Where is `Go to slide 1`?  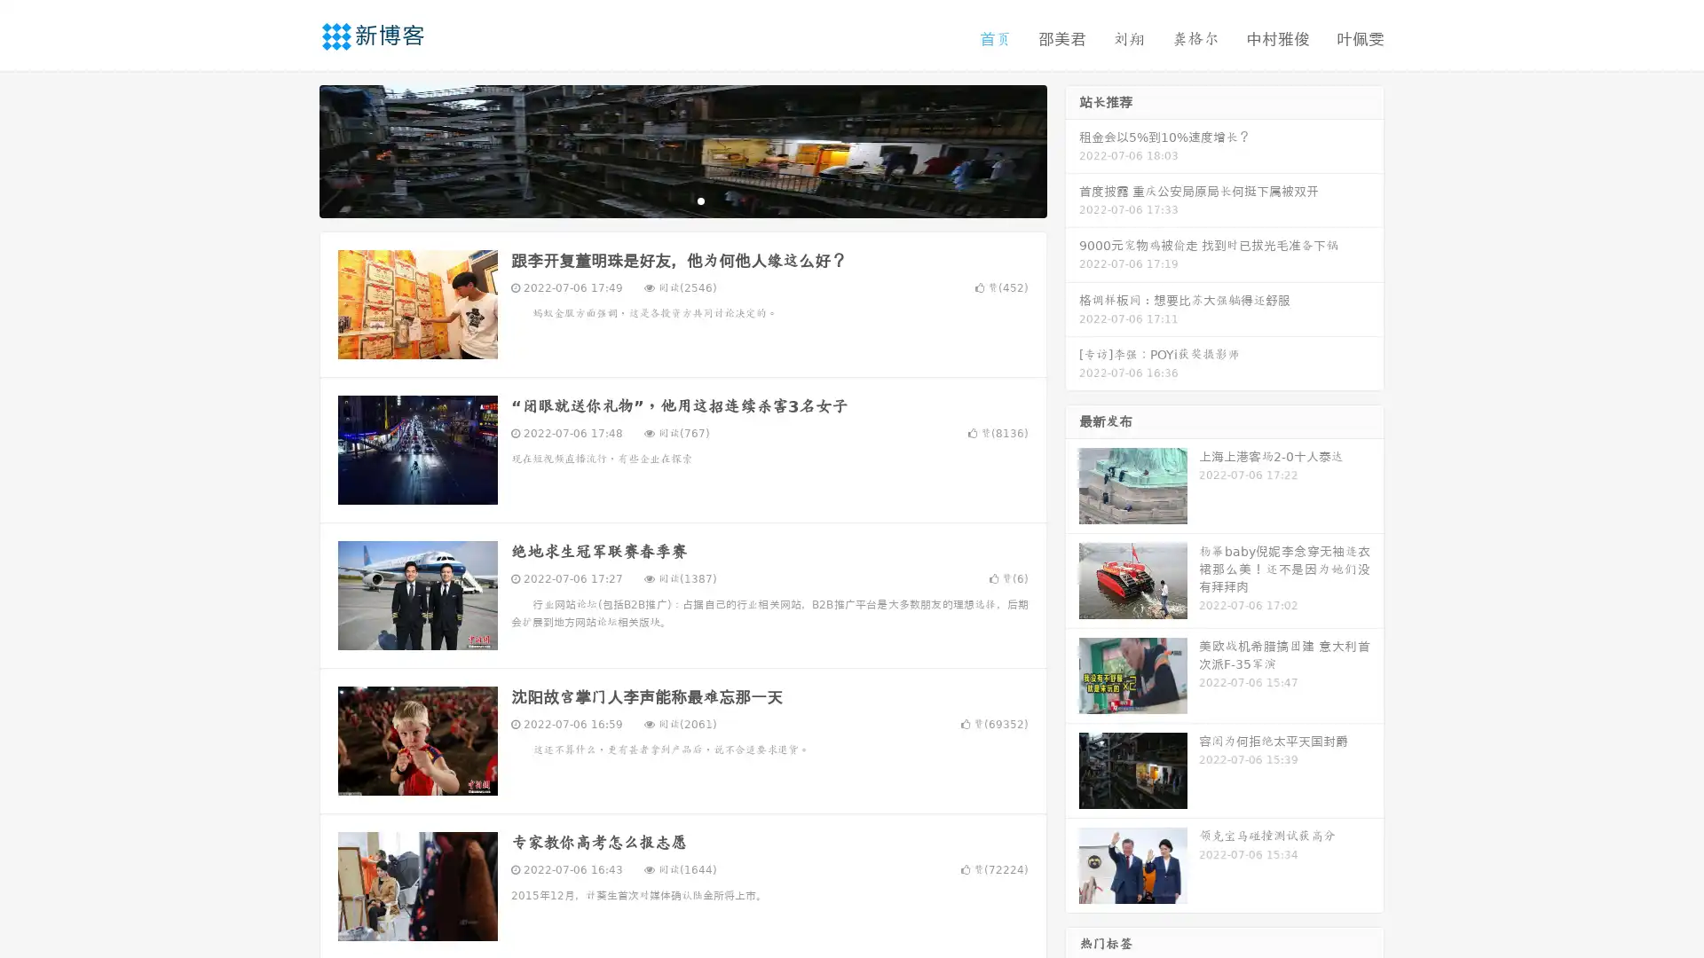
Go to slide 1 is located at coordinates (664, 200).